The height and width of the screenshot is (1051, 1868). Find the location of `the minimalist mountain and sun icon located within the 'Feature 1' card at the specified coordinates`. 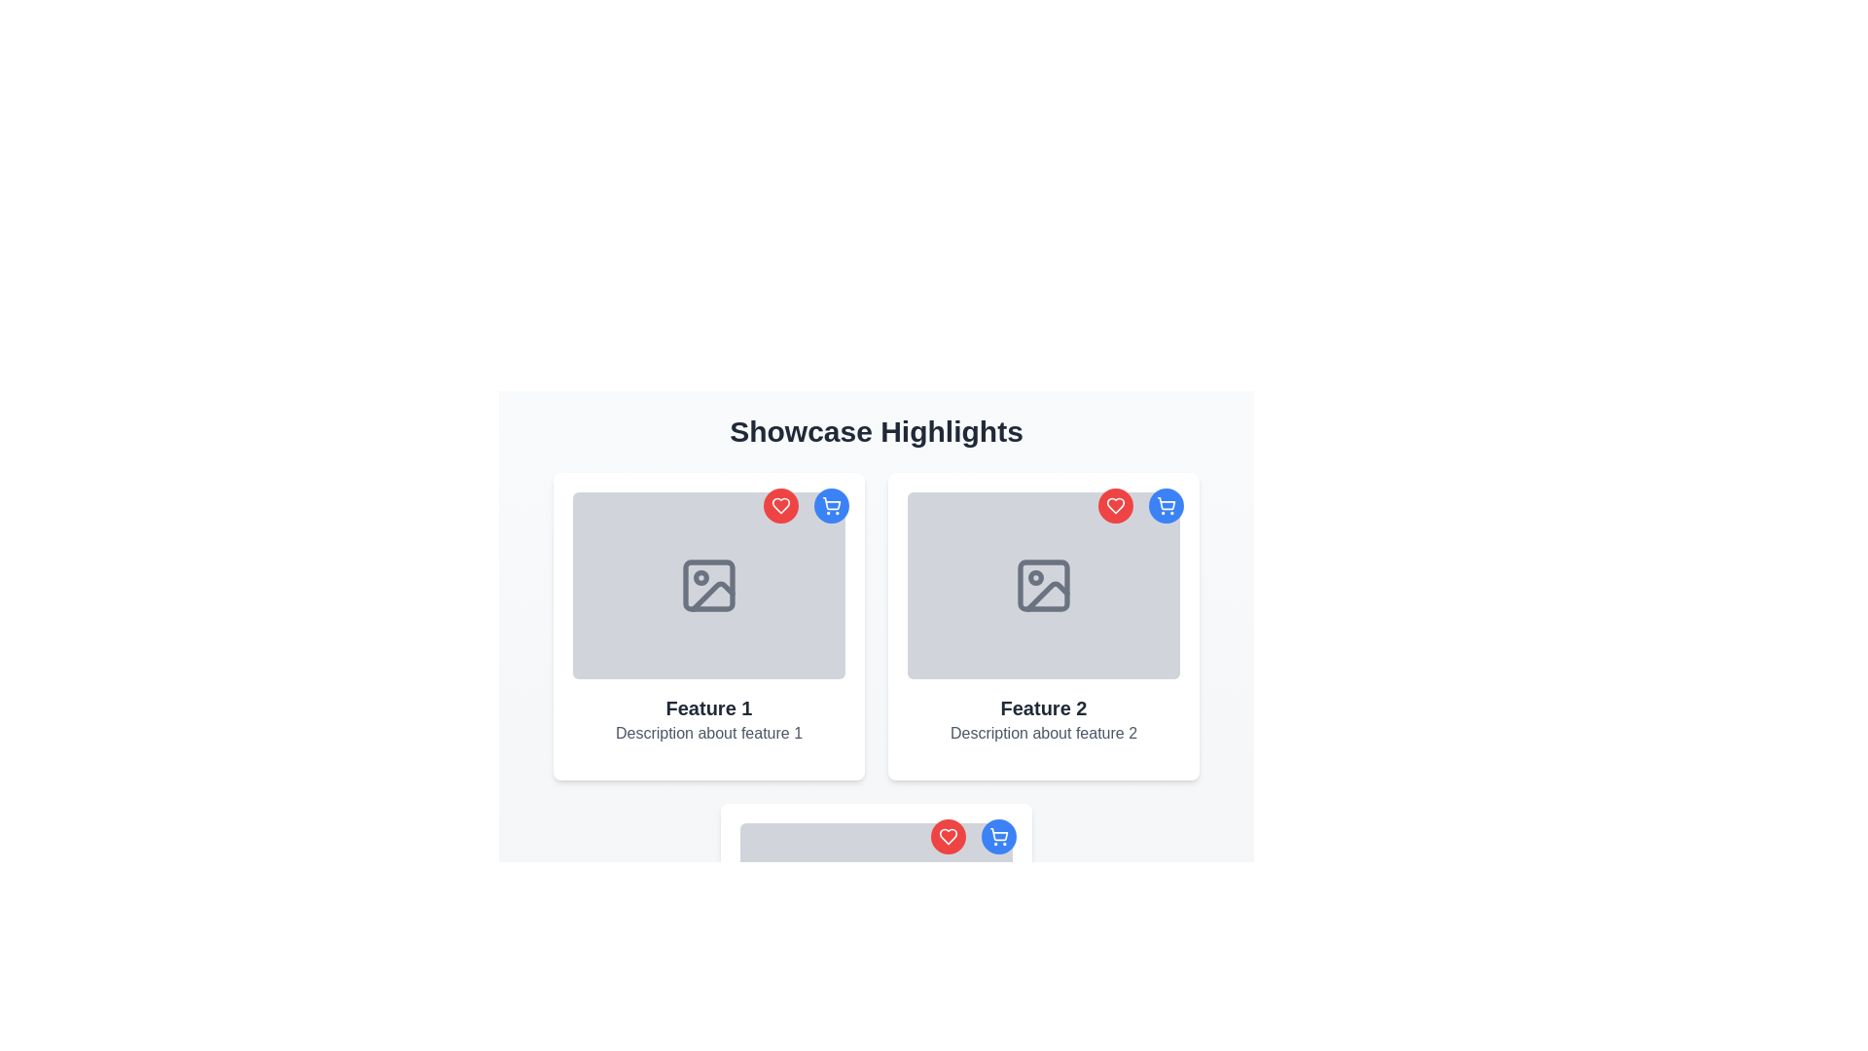

the minimalist mountain and sun icon located within the 'Feature 1' card at the specified coordinates is located at coordinates (712, 596).